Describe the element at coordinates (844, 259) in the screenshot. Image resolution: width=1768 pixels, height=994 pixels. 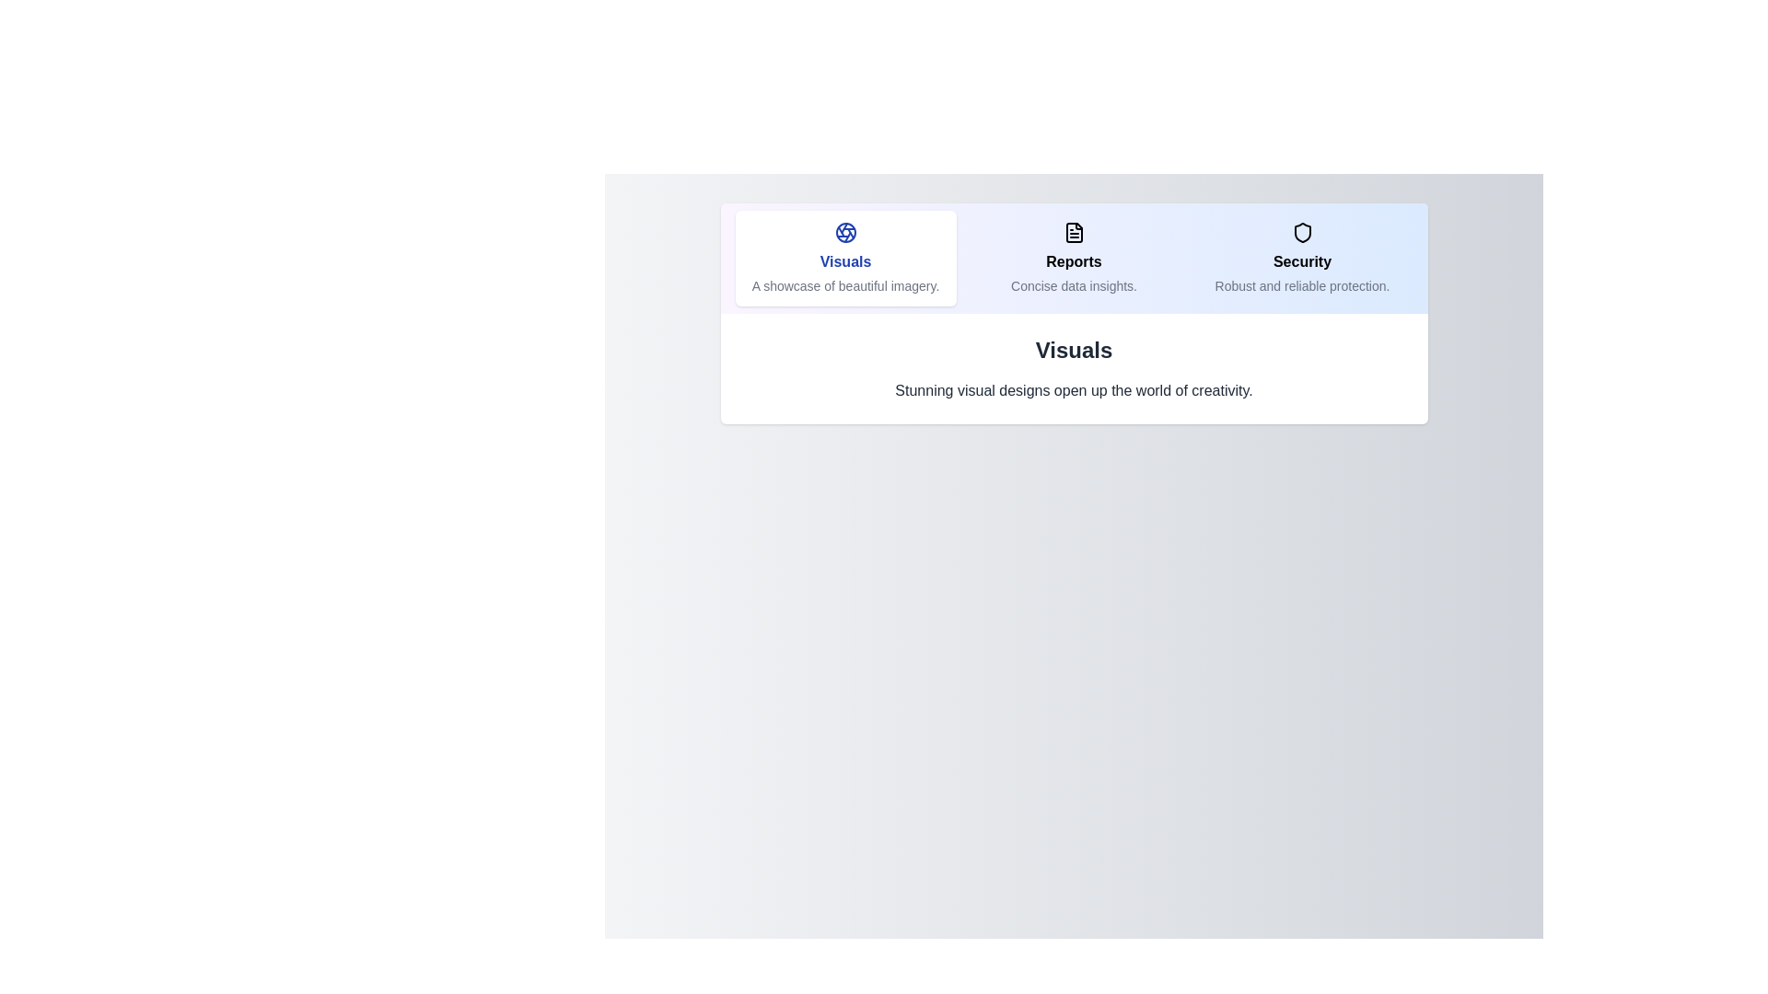
I see `the tab labeled Visuals to preview its interaction effect` at that location.